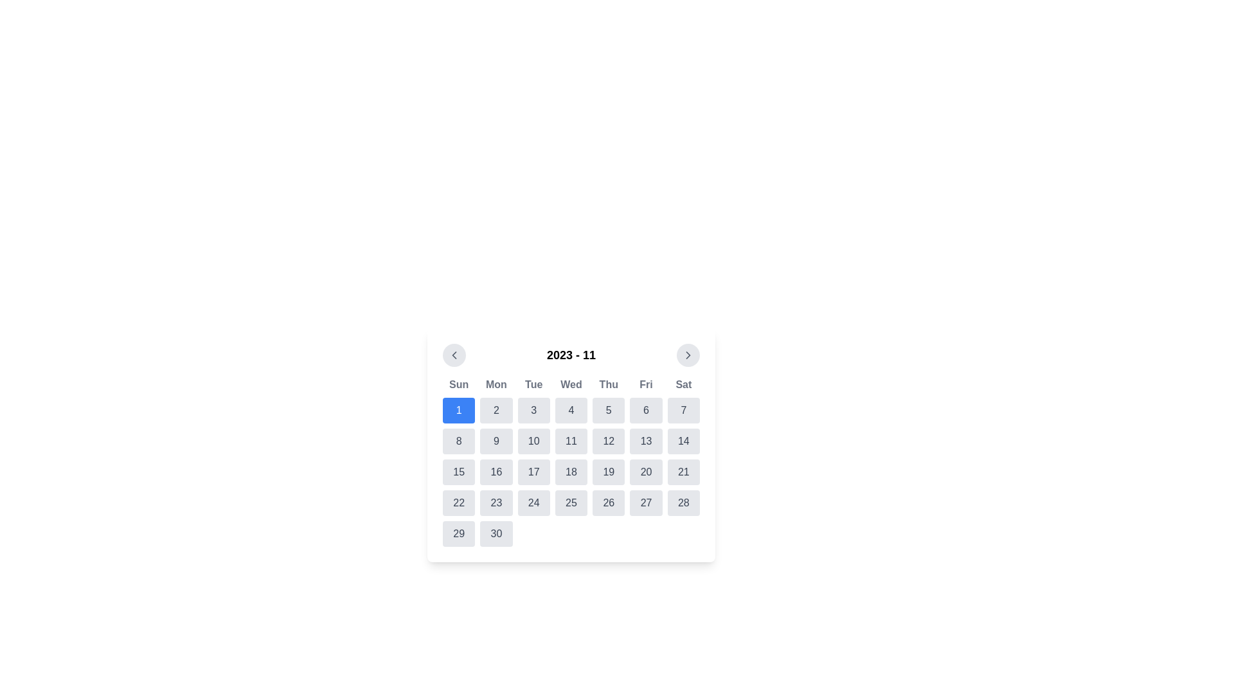 The image size is (1234, 694). Describe the element at coordinates (646, 503) in the screenshot. I see `the square button with a gray background and the number '27' centered in dark gray text, located in the sixth row and sixth column of the grid layout` at that location.